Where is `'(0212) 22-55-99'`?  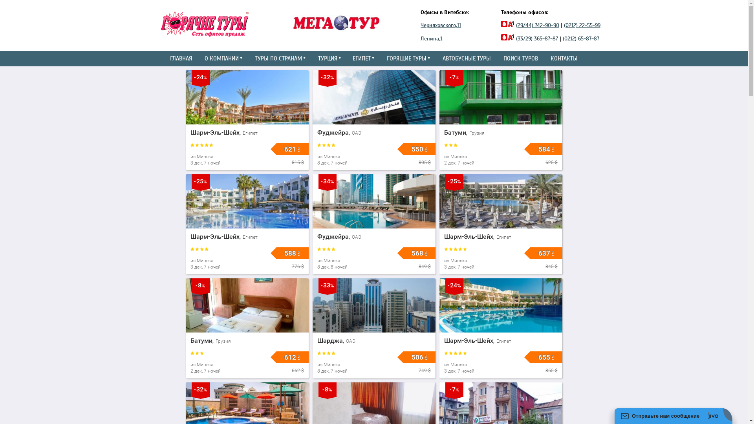 '(0212) 22-55-99' is located at coordinates (582, 25).